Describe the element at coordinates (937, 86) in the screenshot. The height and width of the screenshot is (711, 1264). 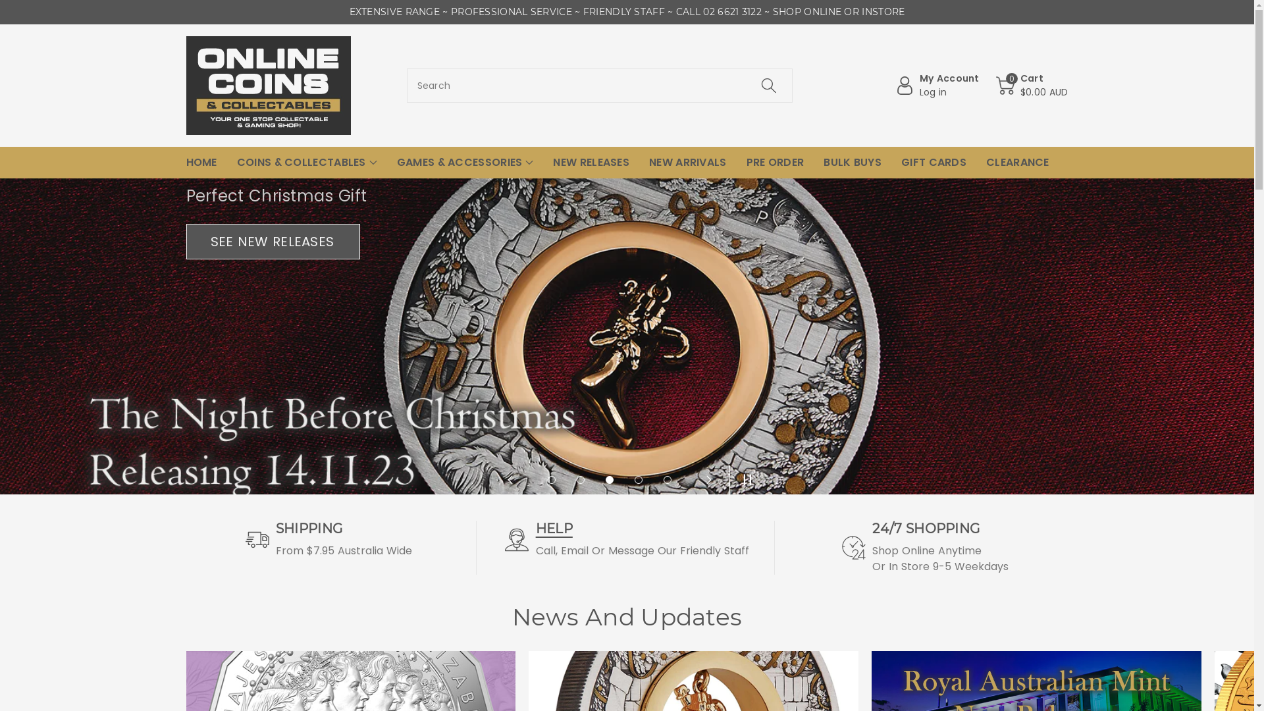
I see `'My Account` at that location.